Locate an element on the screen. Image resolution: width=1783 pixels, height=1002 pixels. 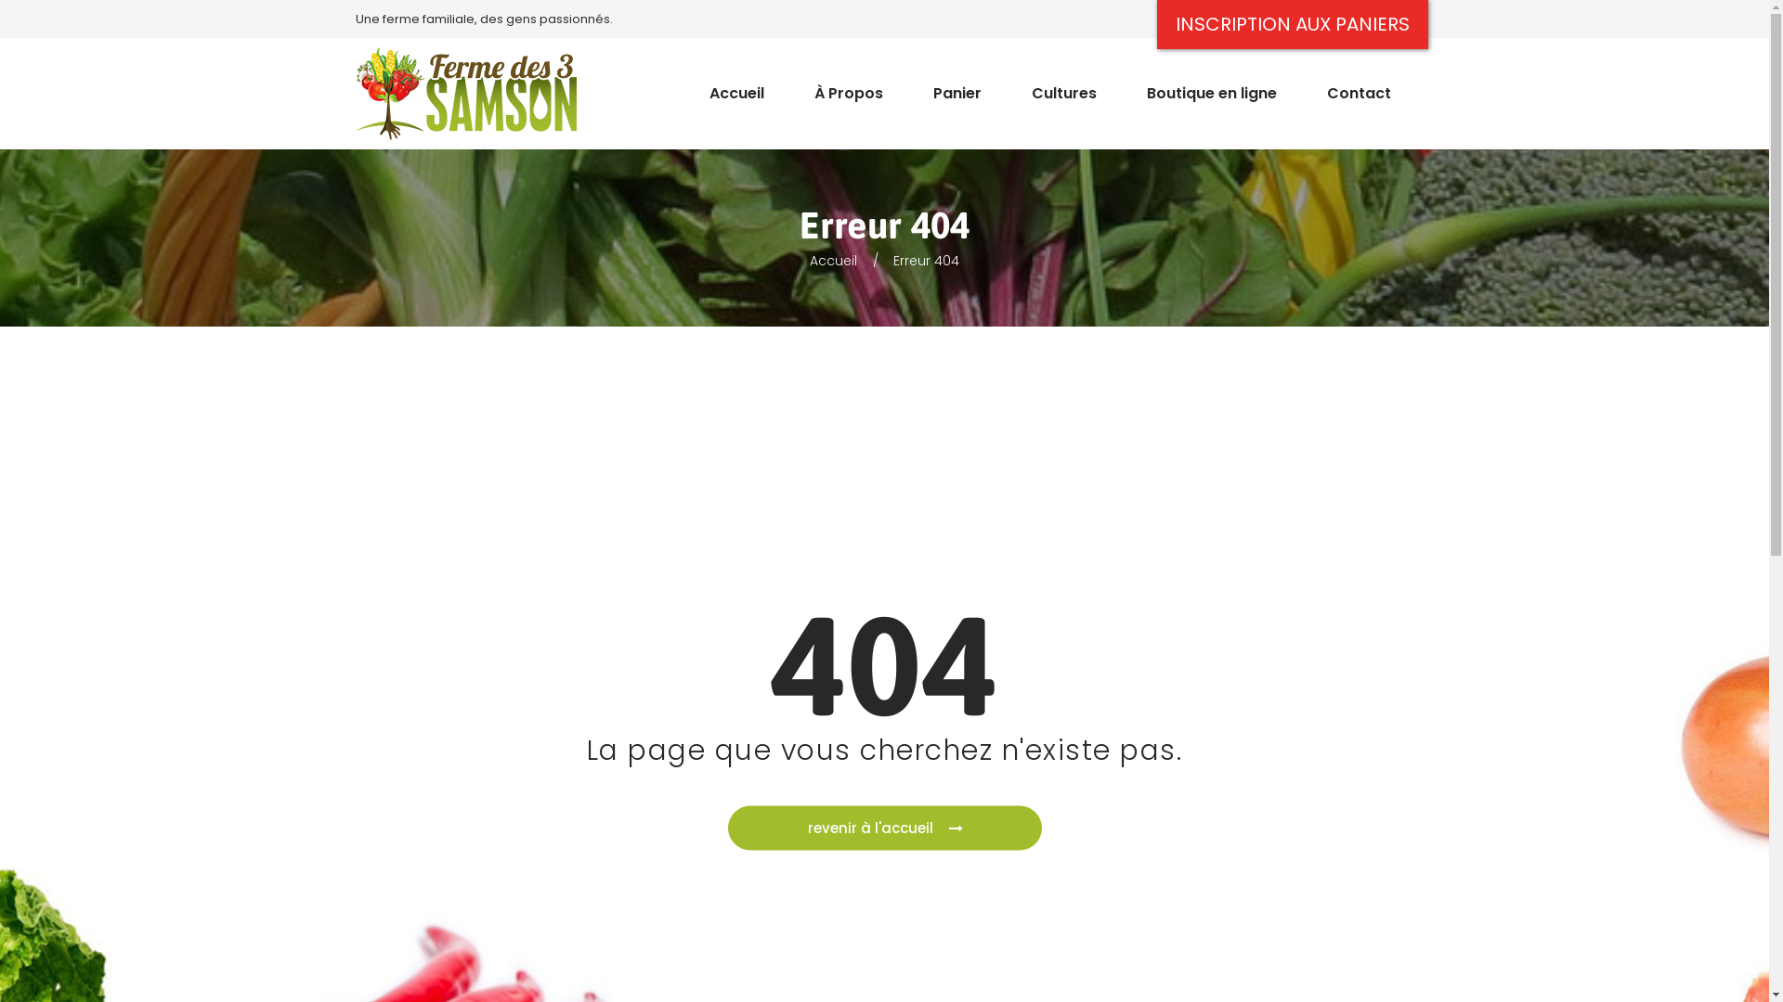
'Panier' is located at coordinates (909, 84).